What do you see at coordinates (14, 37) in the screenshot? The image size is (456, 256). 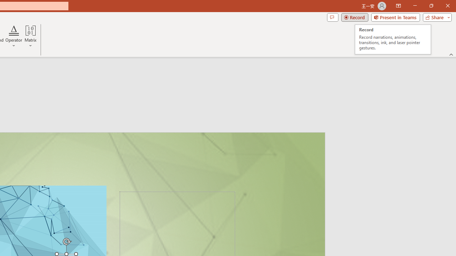 I see `'Operator'` at bounding box center [14, 37].